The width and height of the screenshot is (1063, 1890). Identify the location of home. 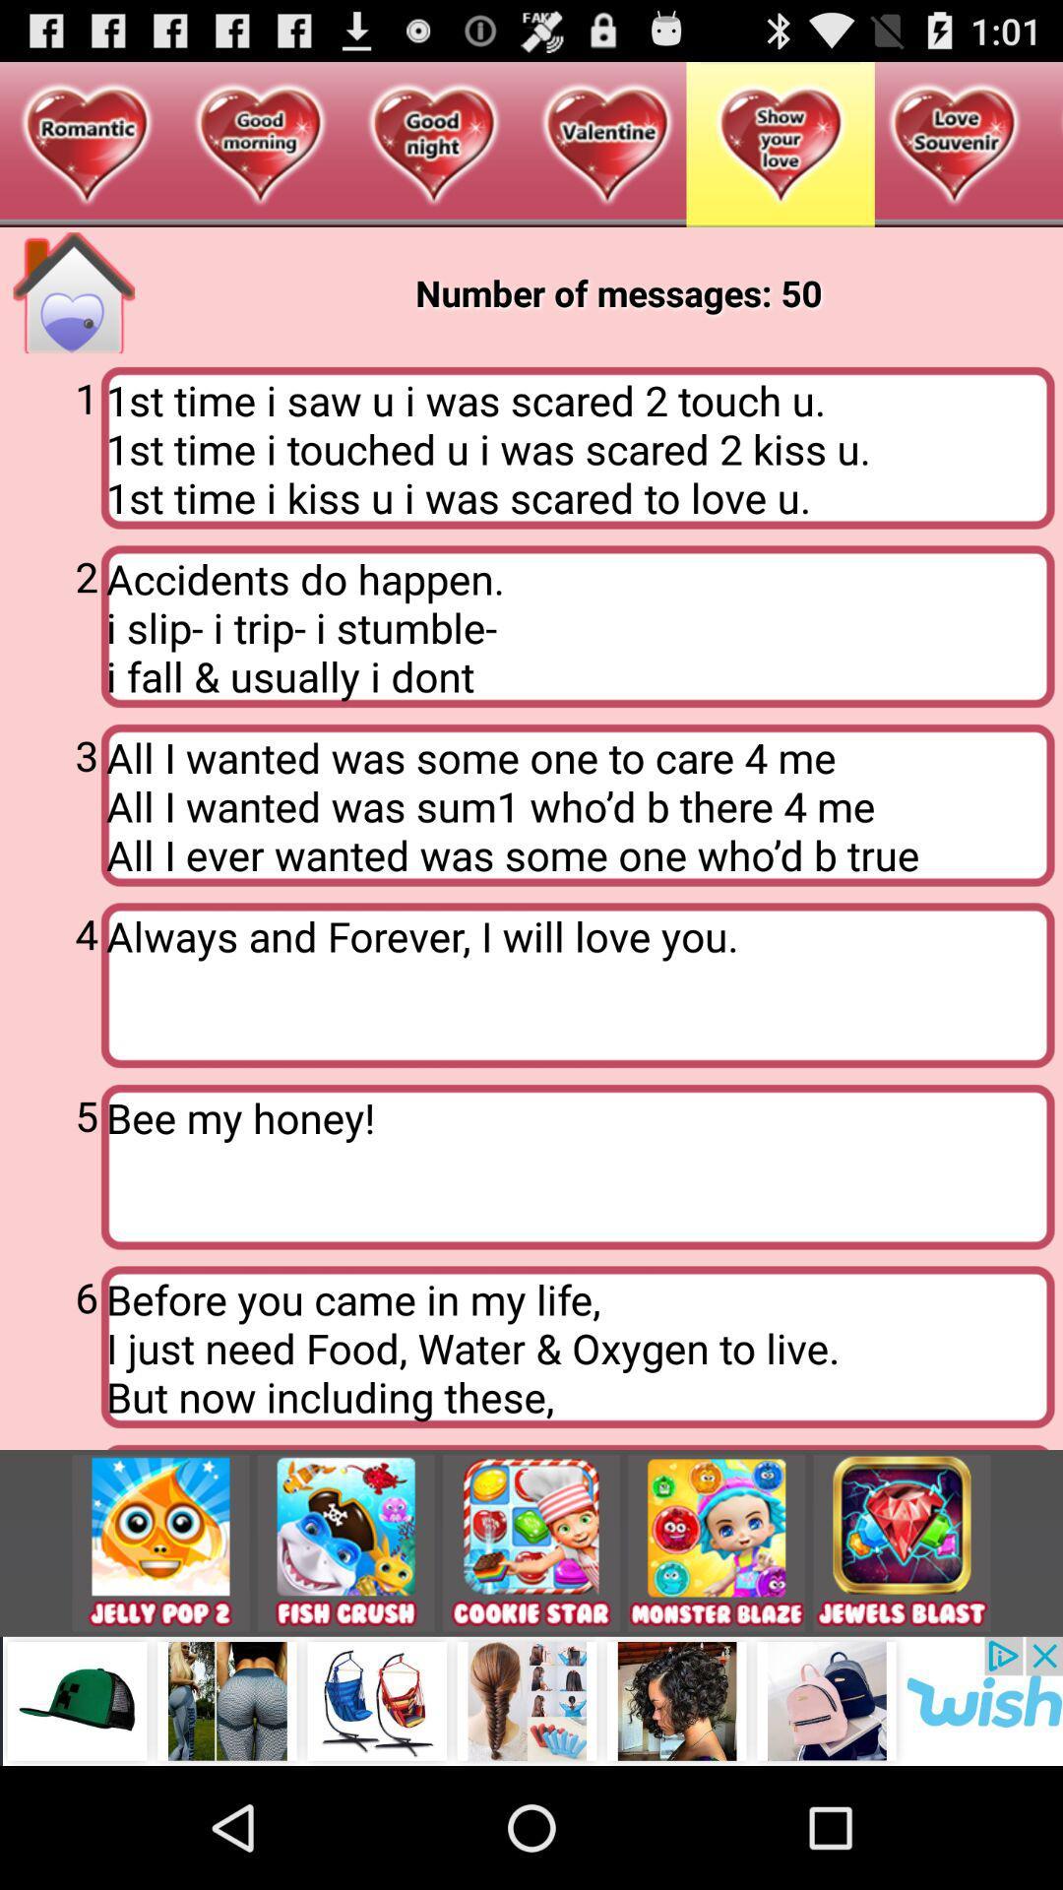
(73, 291).